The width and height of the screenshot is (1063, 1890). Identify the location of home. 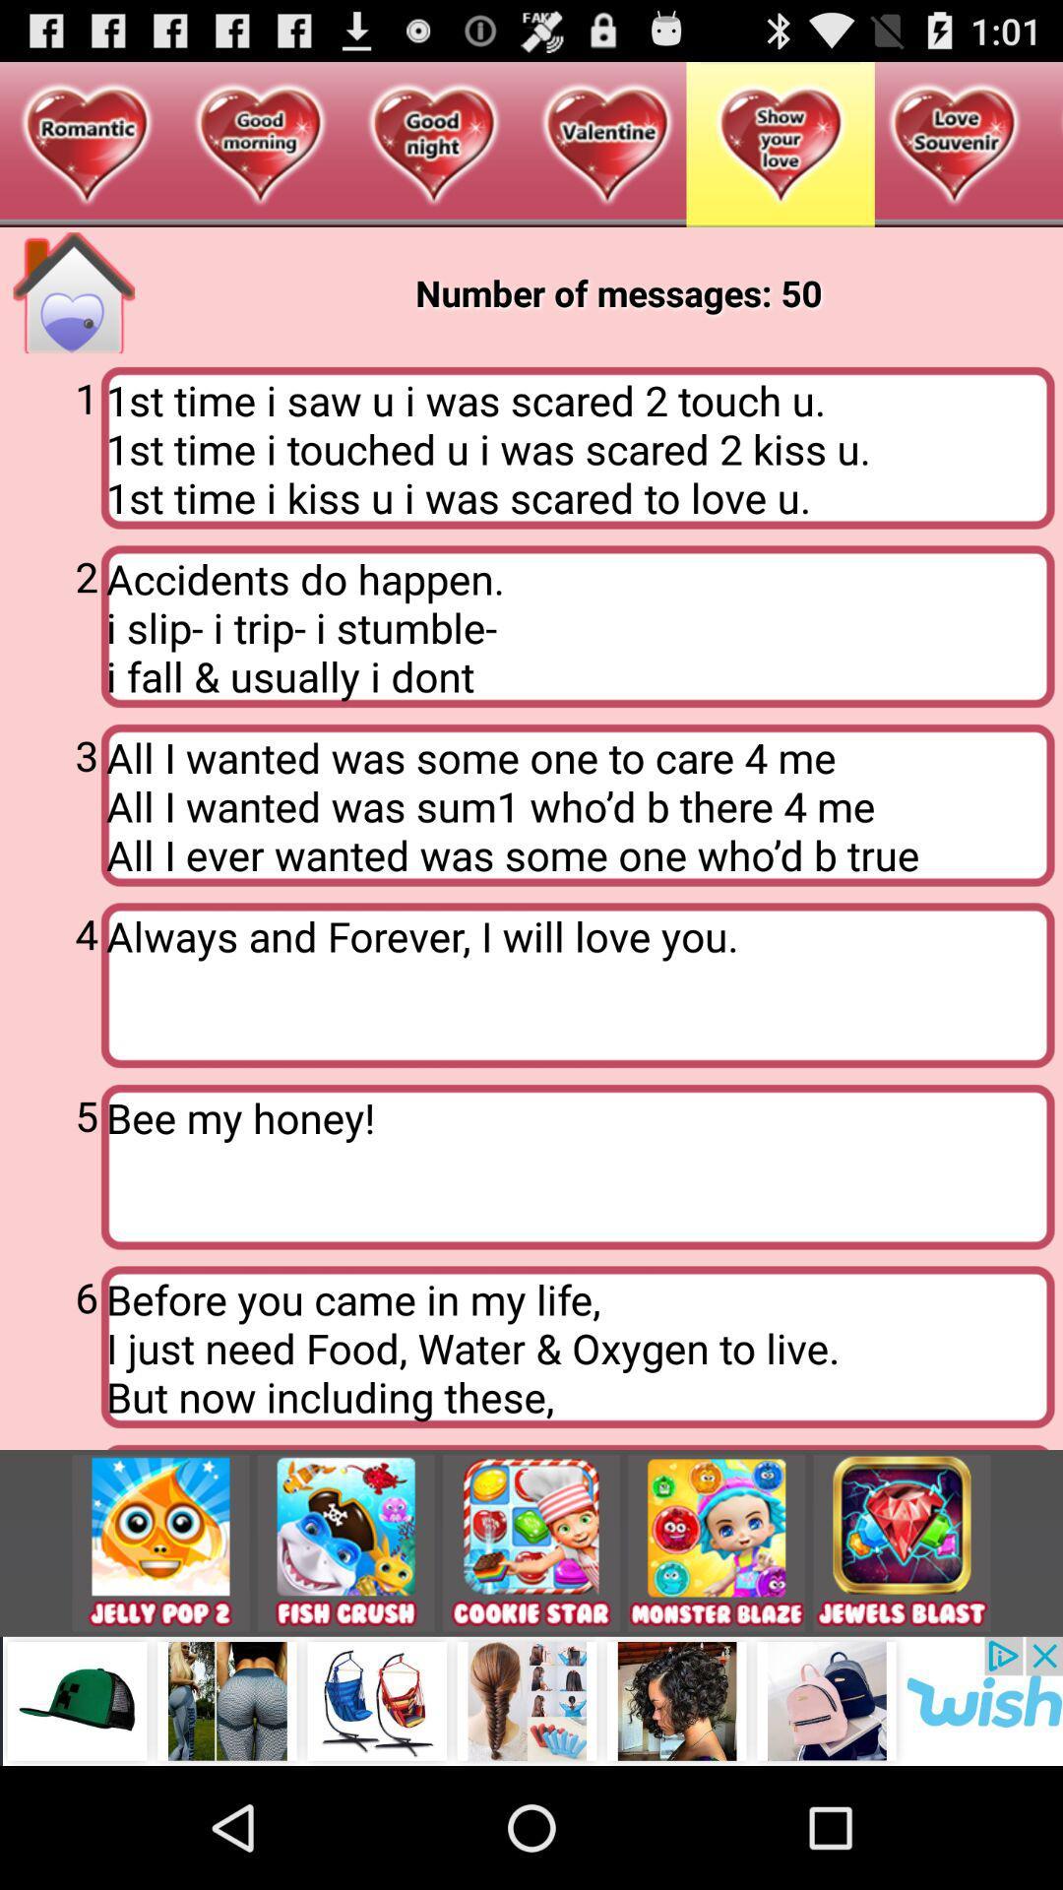
(73, 291).